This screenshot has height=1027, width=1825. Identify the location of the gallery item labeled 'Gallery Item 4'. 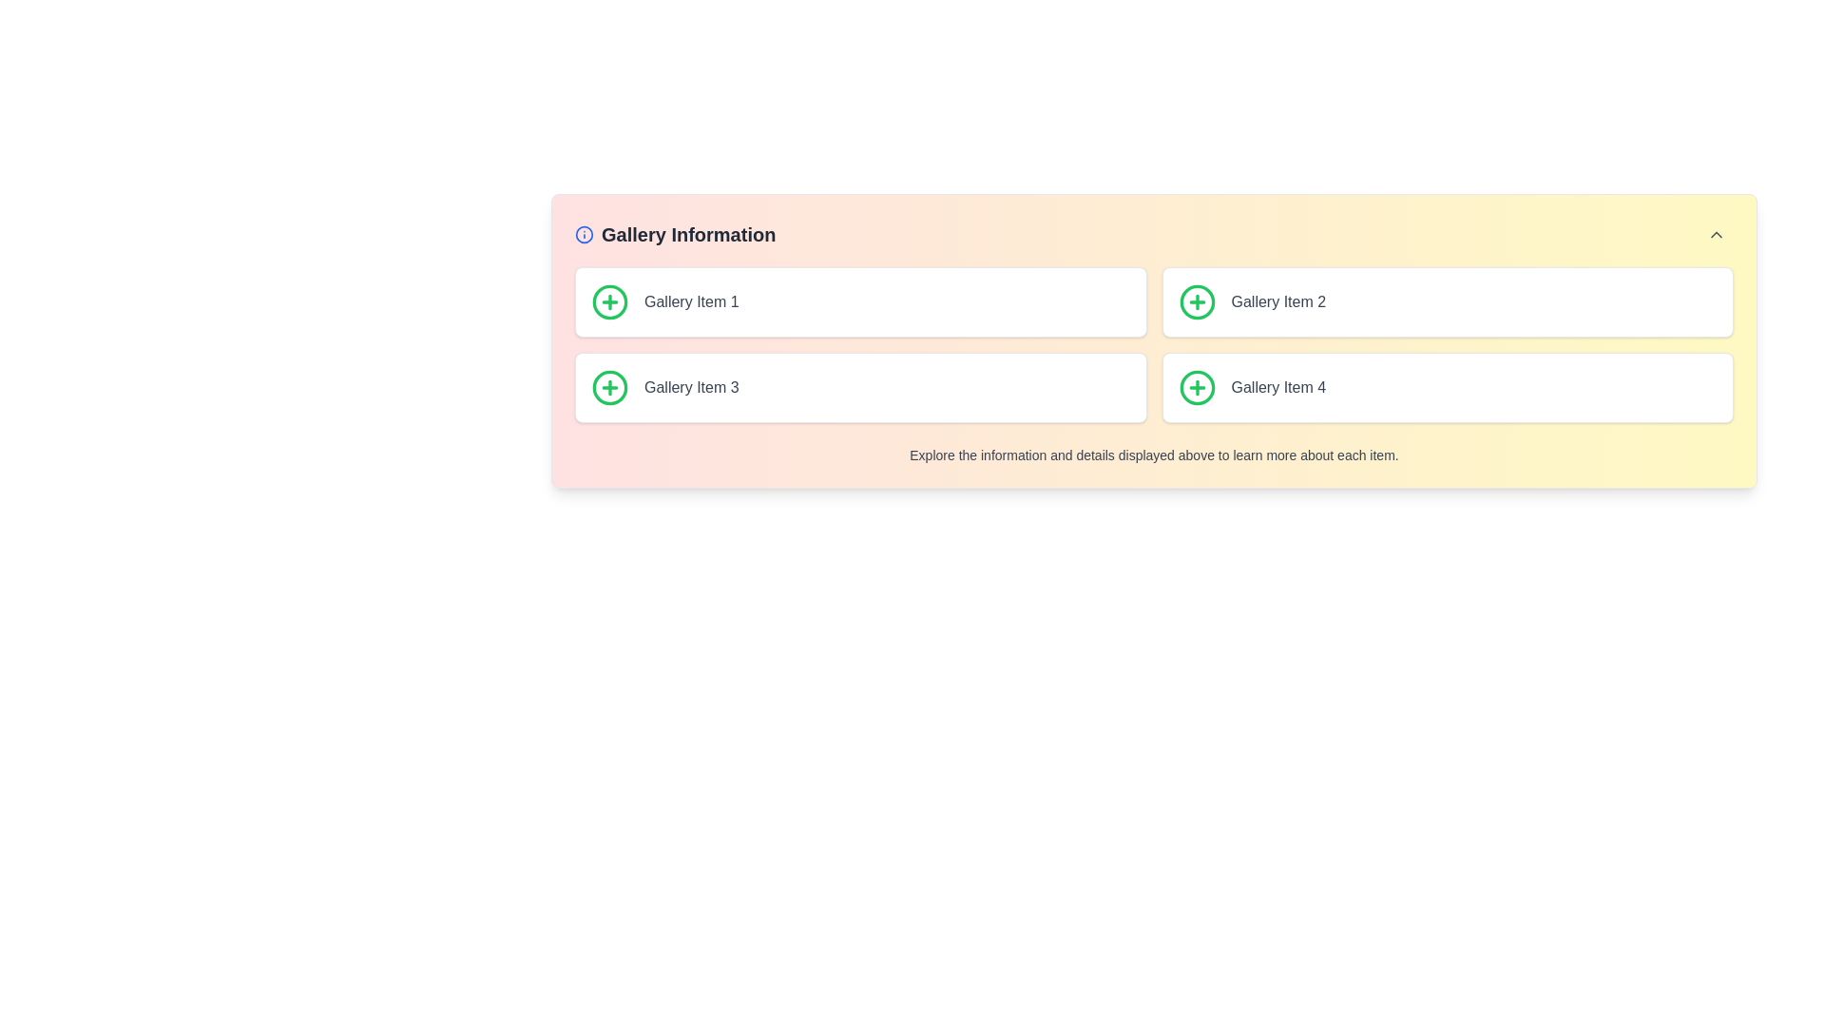
(1447, 387).